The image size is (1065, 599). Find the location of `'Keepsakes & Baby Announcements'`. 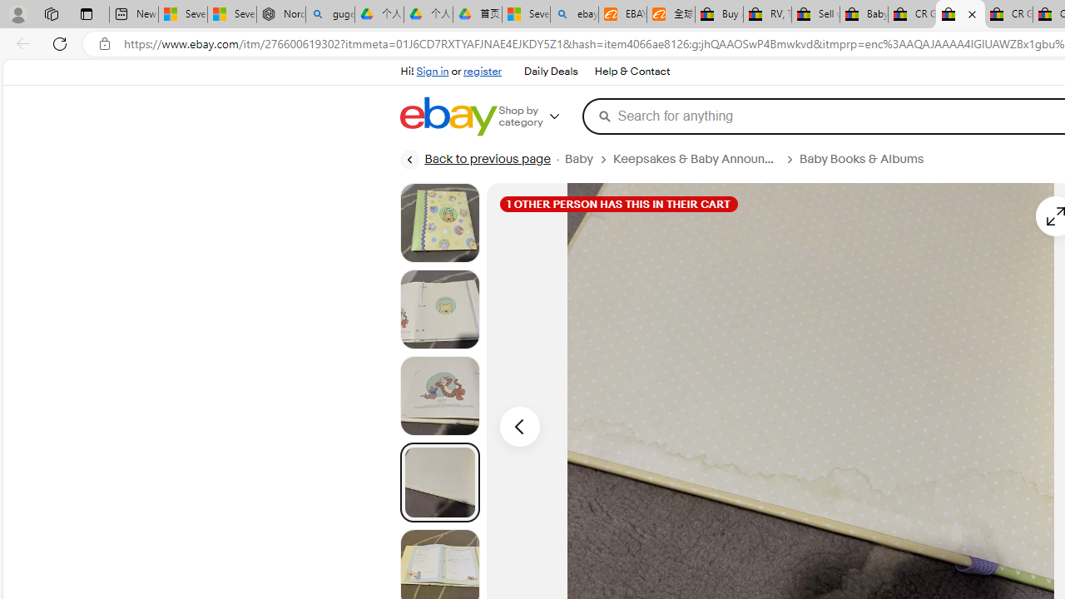

'Keepsakes & Baby Announcements' is located at coordinates (696, 159).